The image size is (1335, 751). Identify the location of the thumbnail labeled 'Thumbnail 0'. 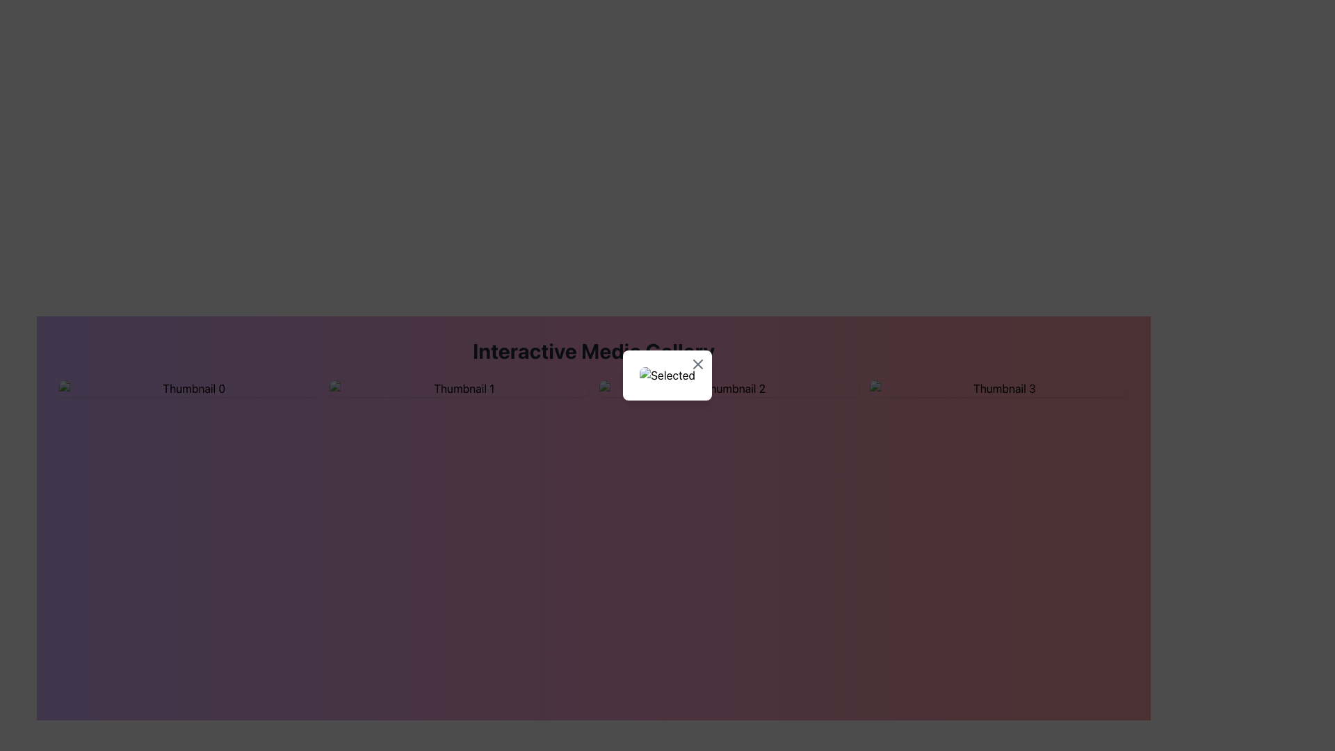
(188, 389).